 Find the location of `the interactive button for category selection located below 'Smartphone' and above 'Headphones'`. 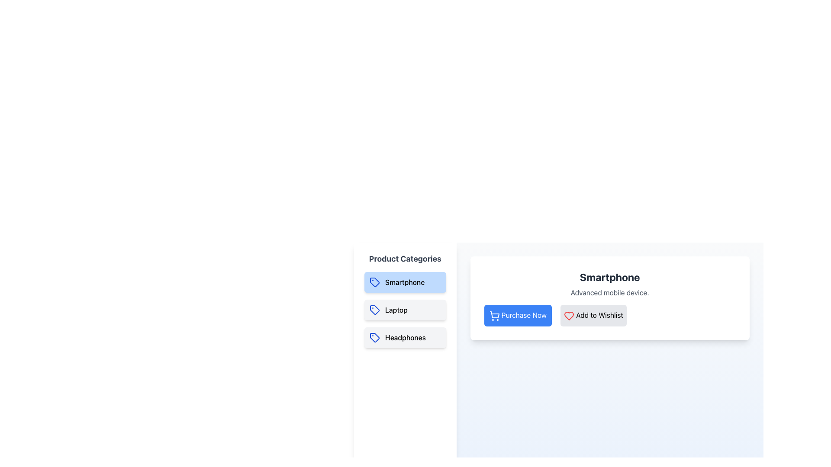

the interactive button for category selection located below 'Smartphone' and above 'Headphones' is located at coordinates (405, 310).